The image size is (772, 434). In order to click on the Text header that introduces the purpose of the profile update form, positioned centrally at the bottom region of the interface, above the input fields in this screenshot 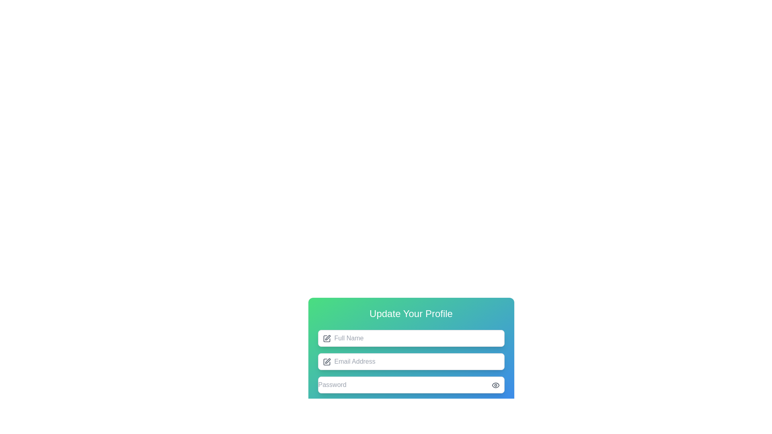, I will do `click(411, 313)`.